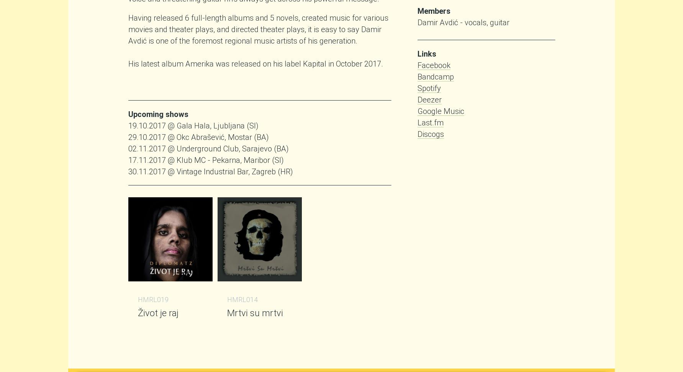 This screenshot has height=372, width=683. Describe the element at coordinates (429, 88) in the screenshot. I see `'Spotify'` at that location.